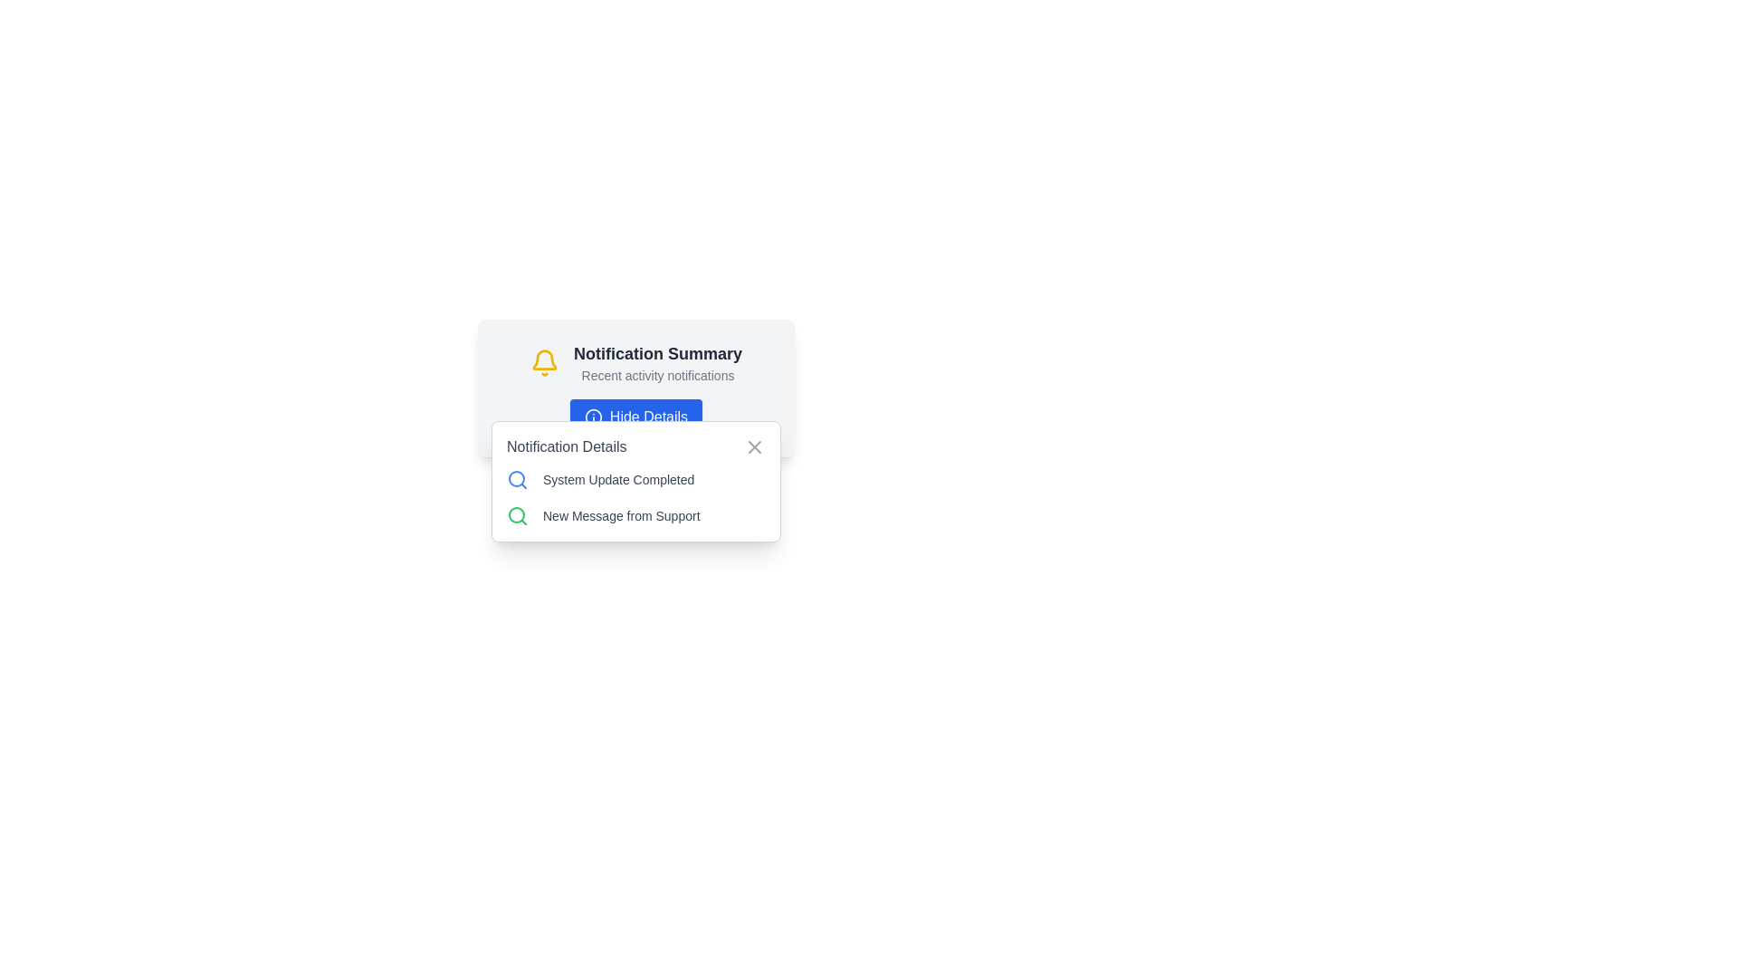  I want to click on the green magnifying glass icon located to the left of the text label 'New Message from Support' in the 'Notification Details' section, so click(516, 516).